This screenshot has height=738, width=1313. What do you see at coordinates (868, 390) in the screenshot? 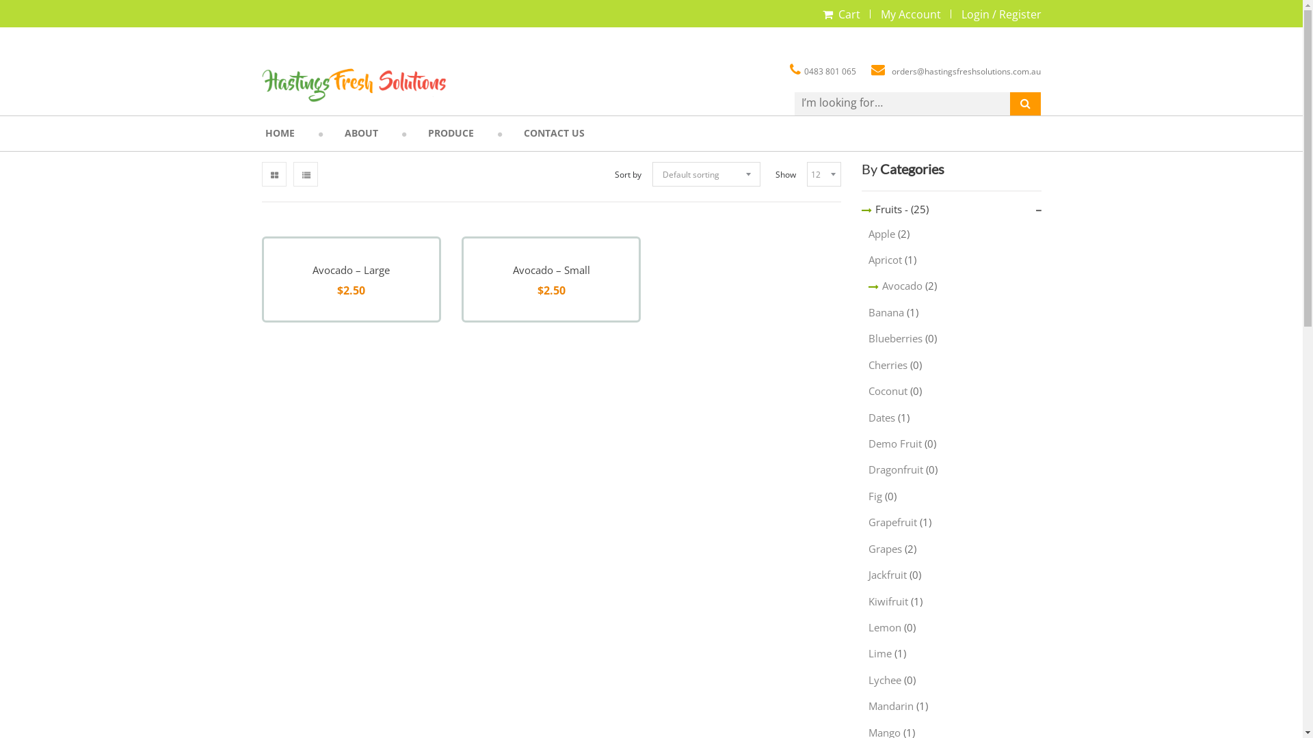
I see `'Coconut'` at bounding box center [868, 390].